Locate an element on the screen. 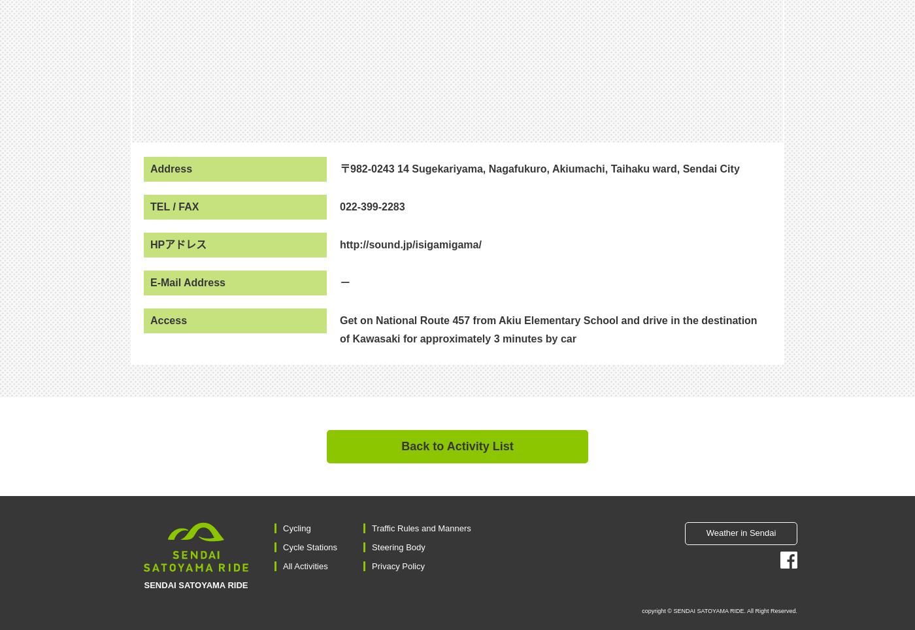 The image size is (915, 630). '〒982-0243   14 Sugekariyama, Nagafukuro, Akiumachi, Taihaku ward, Sendai City' is located at coordinates (539, 167).